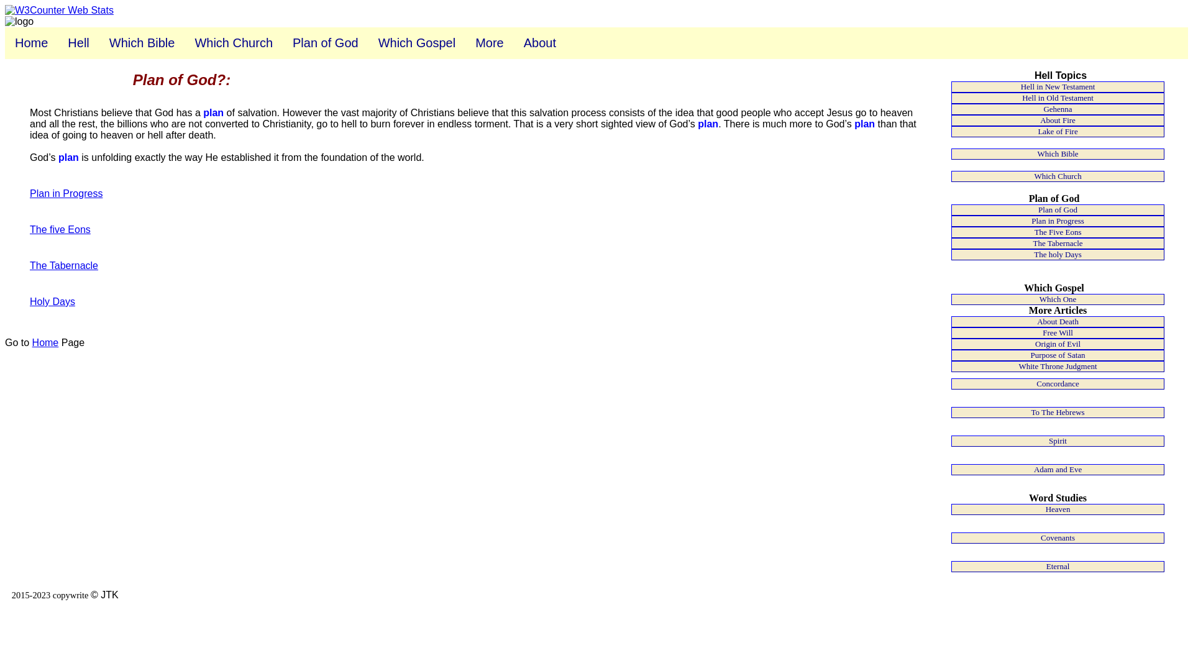  What do you see at coordinates (951, 86) in the screenshot?
I see `'Hell in New Testament'` at bounding box center [951, 86].